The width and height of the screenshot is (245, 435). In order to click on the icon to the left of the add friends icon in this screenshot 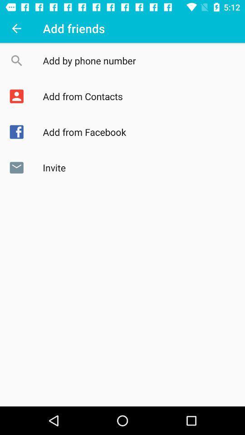, I will do `click(16, 28)`.